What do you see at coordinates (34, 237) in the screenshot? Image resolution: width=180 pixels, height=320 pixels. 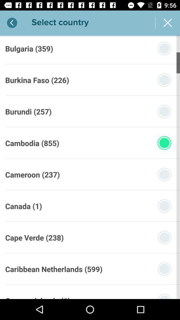 I see `cape verde (238)` at bounding box center [34, 237].